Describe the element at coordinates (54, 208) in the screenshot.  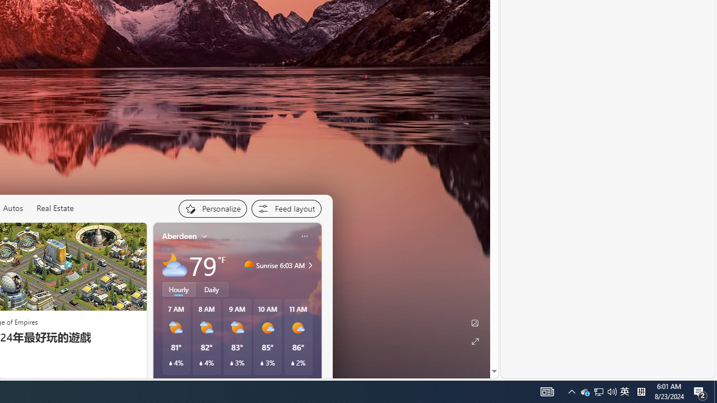
I see `'Real Estate'` at that location.